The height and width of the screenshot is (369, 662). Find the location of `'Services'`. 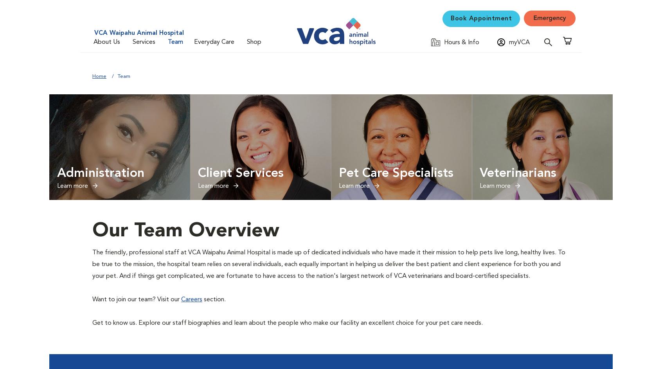

'Services' is located at coordinates (144, 42).